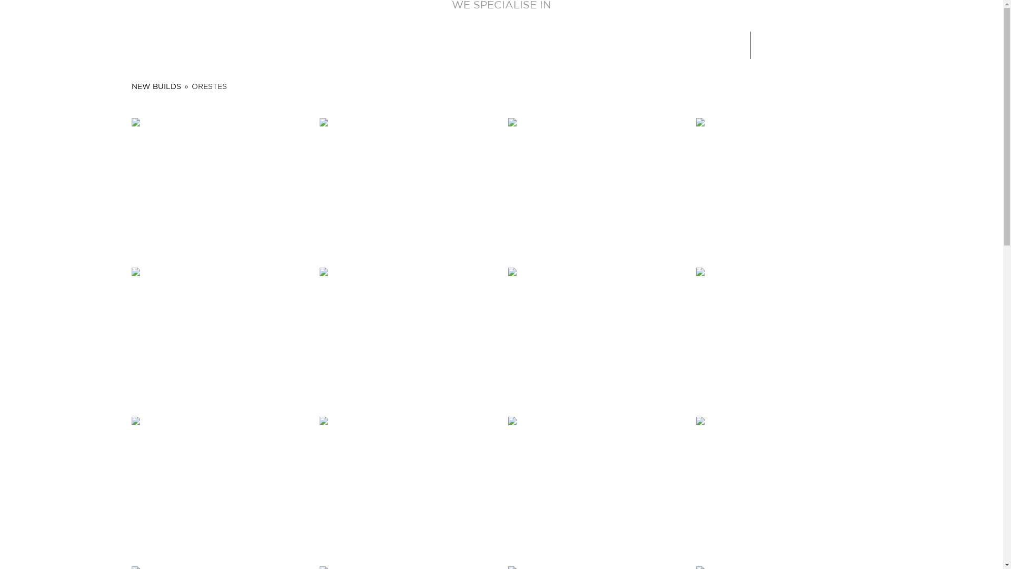 This screenshot has height=569, width=1011. What do you see at coordinates (784, 185) in the screenshot?
I see `'Orestes'` at bounding box center [784, 185].